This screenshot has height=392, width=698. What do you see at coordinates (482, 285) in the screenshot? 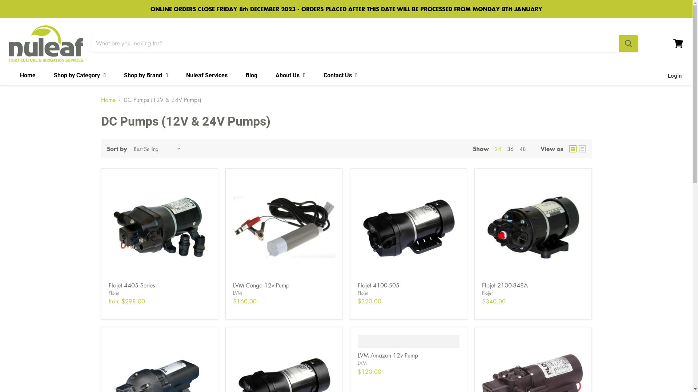
I see `'Flojet 2100-848A'` at bounding box center [482, 285].